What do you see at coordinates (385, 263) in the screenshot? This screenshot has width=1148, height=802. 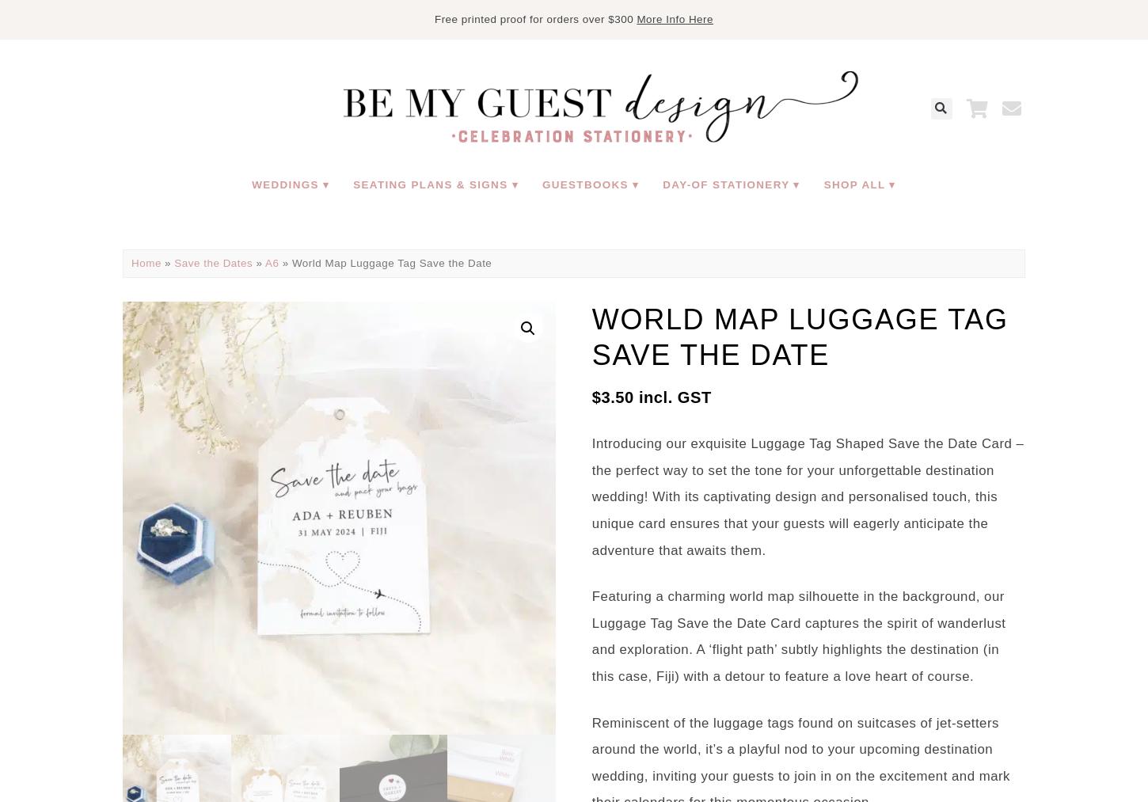 I see `'» World Map Luggage Tag Save the Date'` at bounding box center [385, 263].